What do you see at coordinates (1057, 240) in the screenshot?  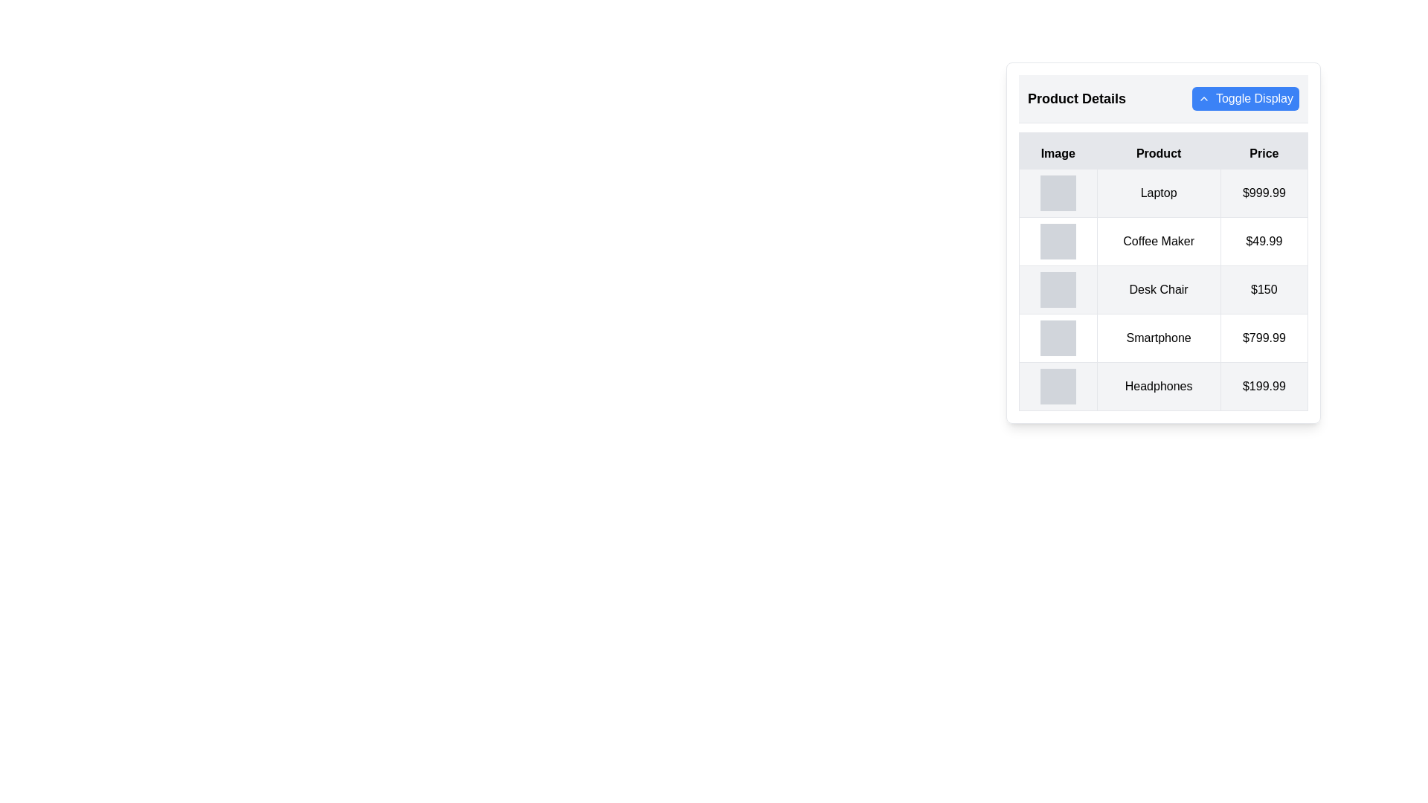 I see `the visual placeholder or image slot located in the second row and first column of the product details table for the 'Coffee Maker' product` at bounding box center [1057, 240].